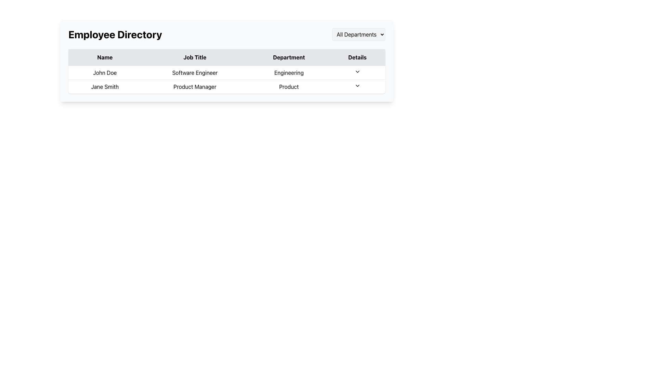 This screenshot has width=657, height=369. What do you see at coordinates (104, 72) in the screenshot?
I see `the Text display that shows the full name of an individual in the employee directory table located in the first row and first column under the header 'Name'` at bounding box center [104, 72].